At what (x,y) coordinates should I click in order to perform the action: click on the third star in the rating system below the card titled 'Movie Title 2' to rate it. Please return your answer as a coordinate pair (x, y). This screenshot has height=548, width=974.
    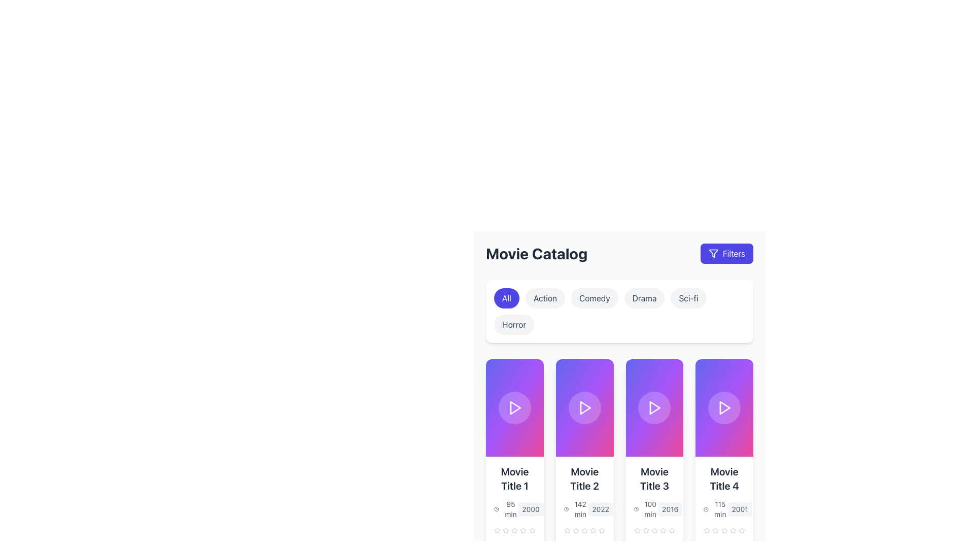
    Looking at the image, I should click on (575, 530).